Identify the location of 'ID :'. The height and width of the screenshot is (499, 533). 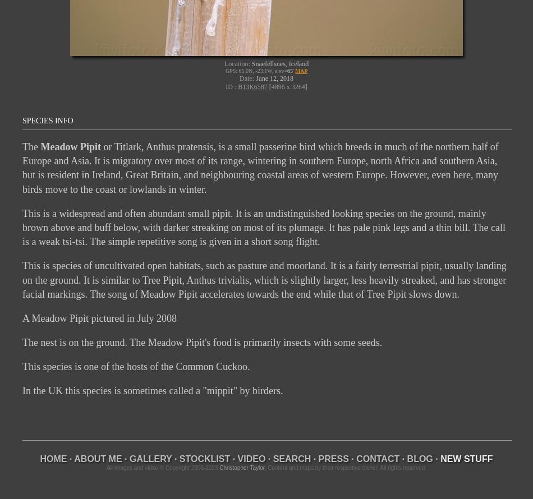
(231, 86).